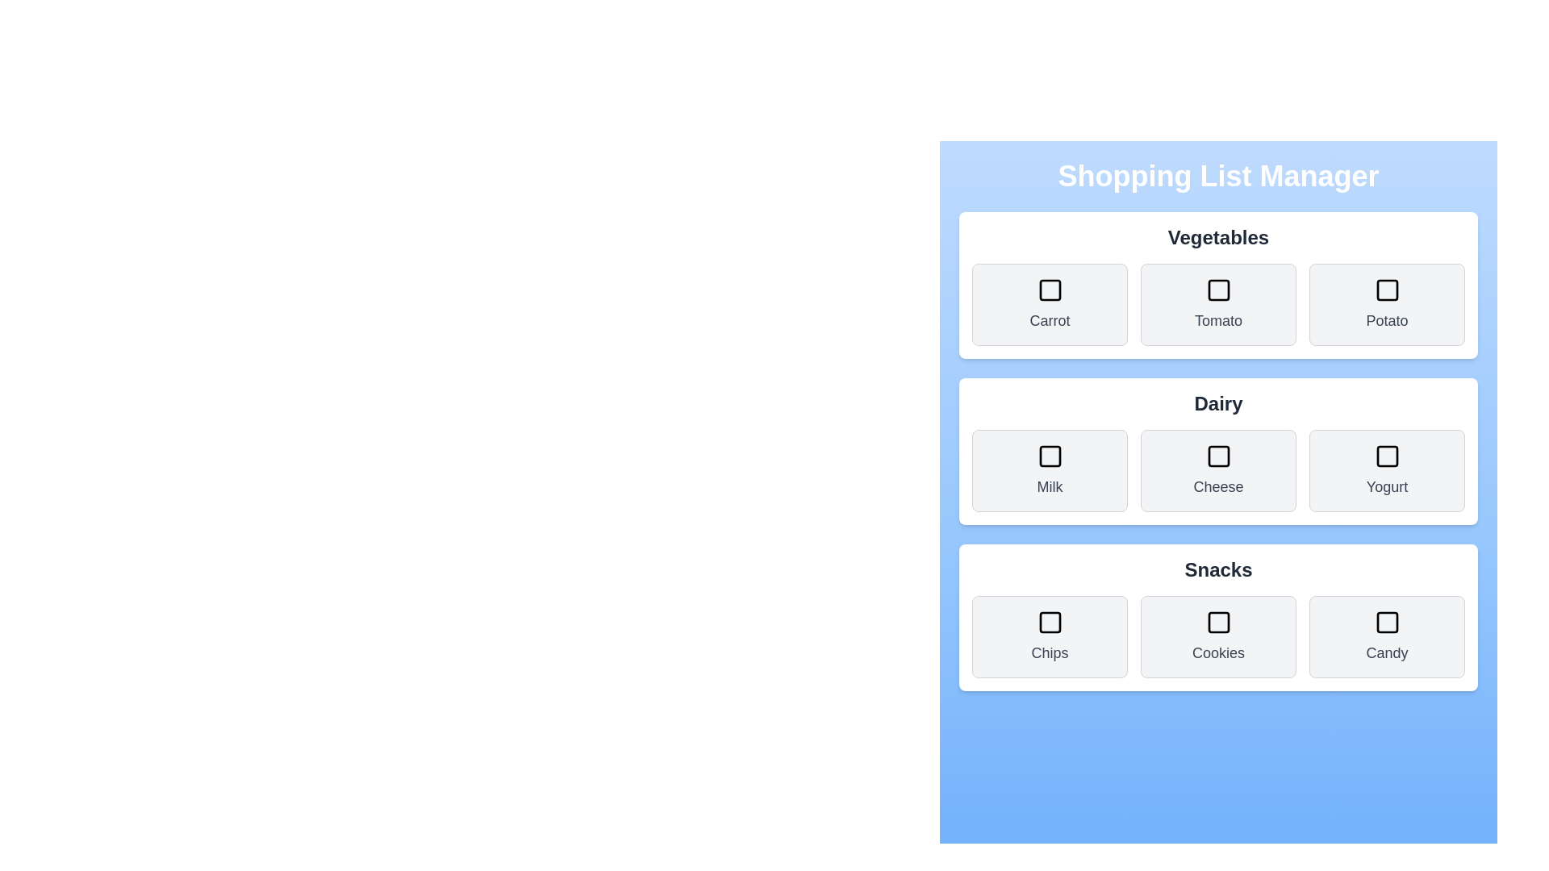 Image resolution: width=1549 pixels, height=871 pixels. I want to click on the item Cheese to observe the hover effect, so click(1218, 470).